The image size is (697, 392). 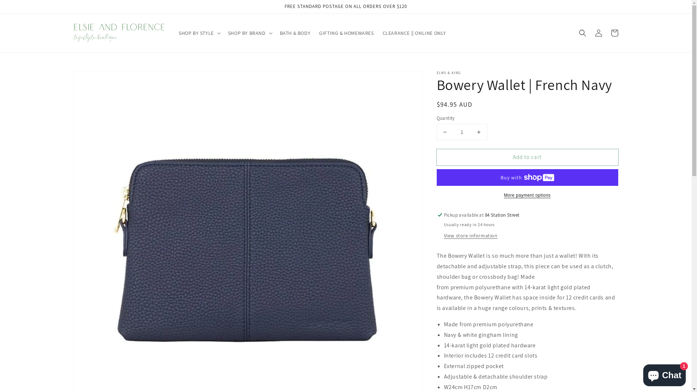 I want to click on 'Decrease quantity for Bowery Wallet | French Navy', so click(x=437, y=132).